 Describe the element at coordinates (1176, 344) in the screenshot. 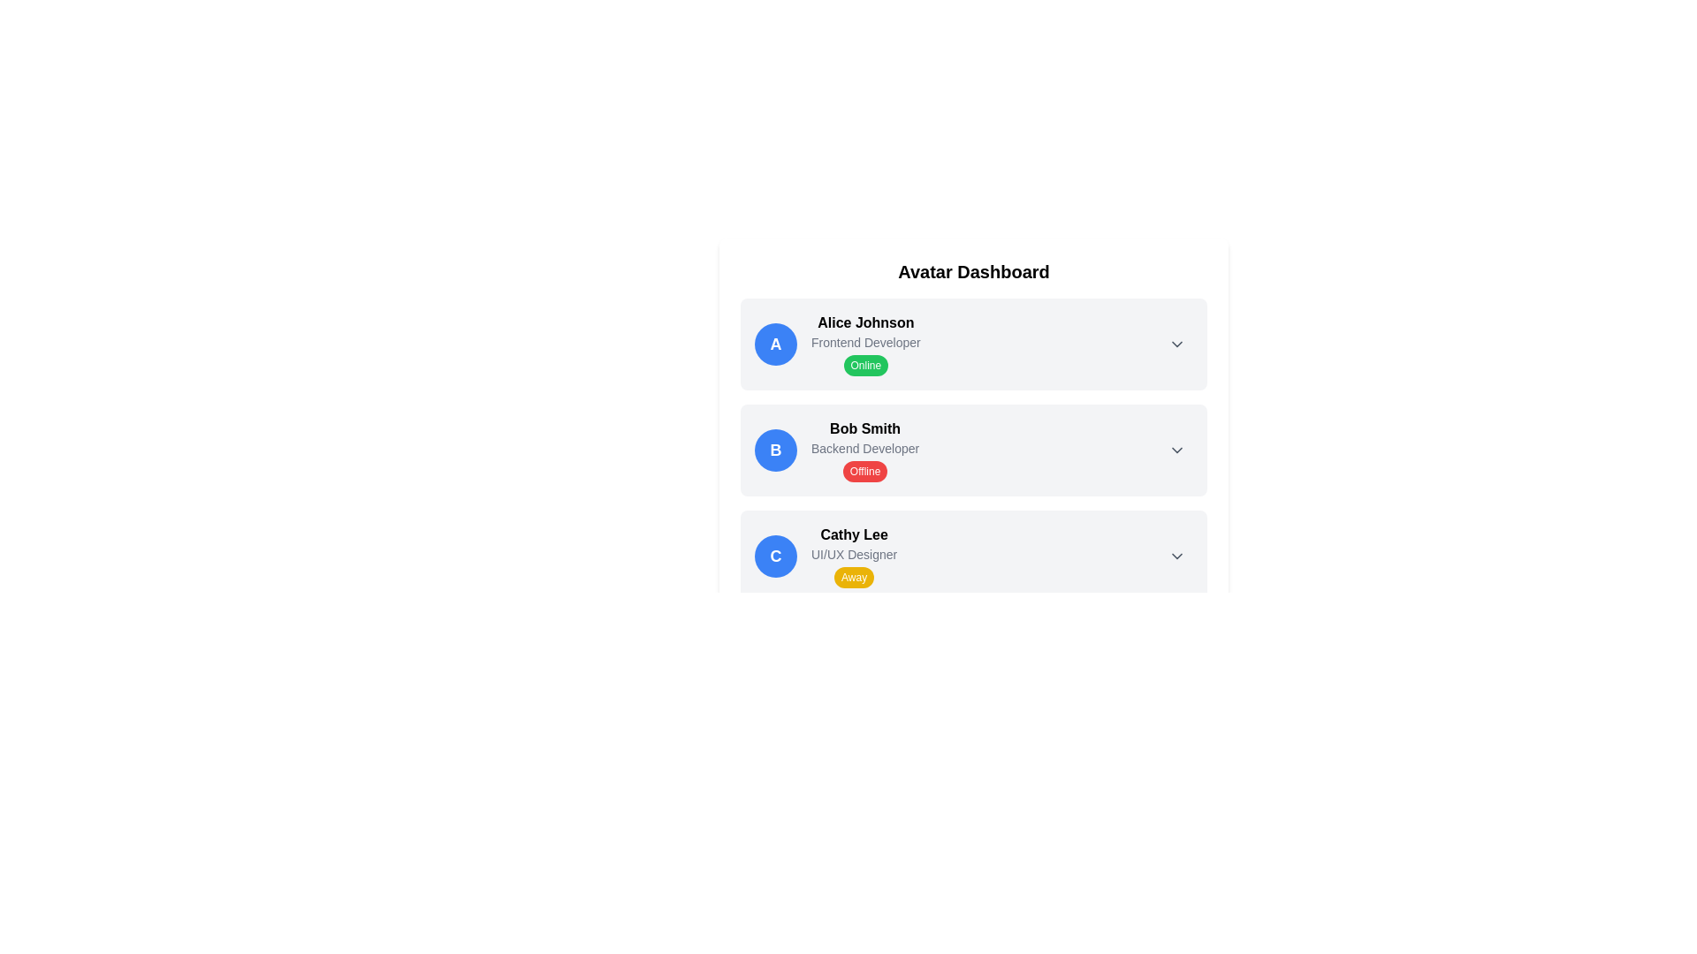

I see `the SVG icon located at the right-hand side of the topmost user card, which aligns horizontally with the user name 'Alice Johnson'` at that location.